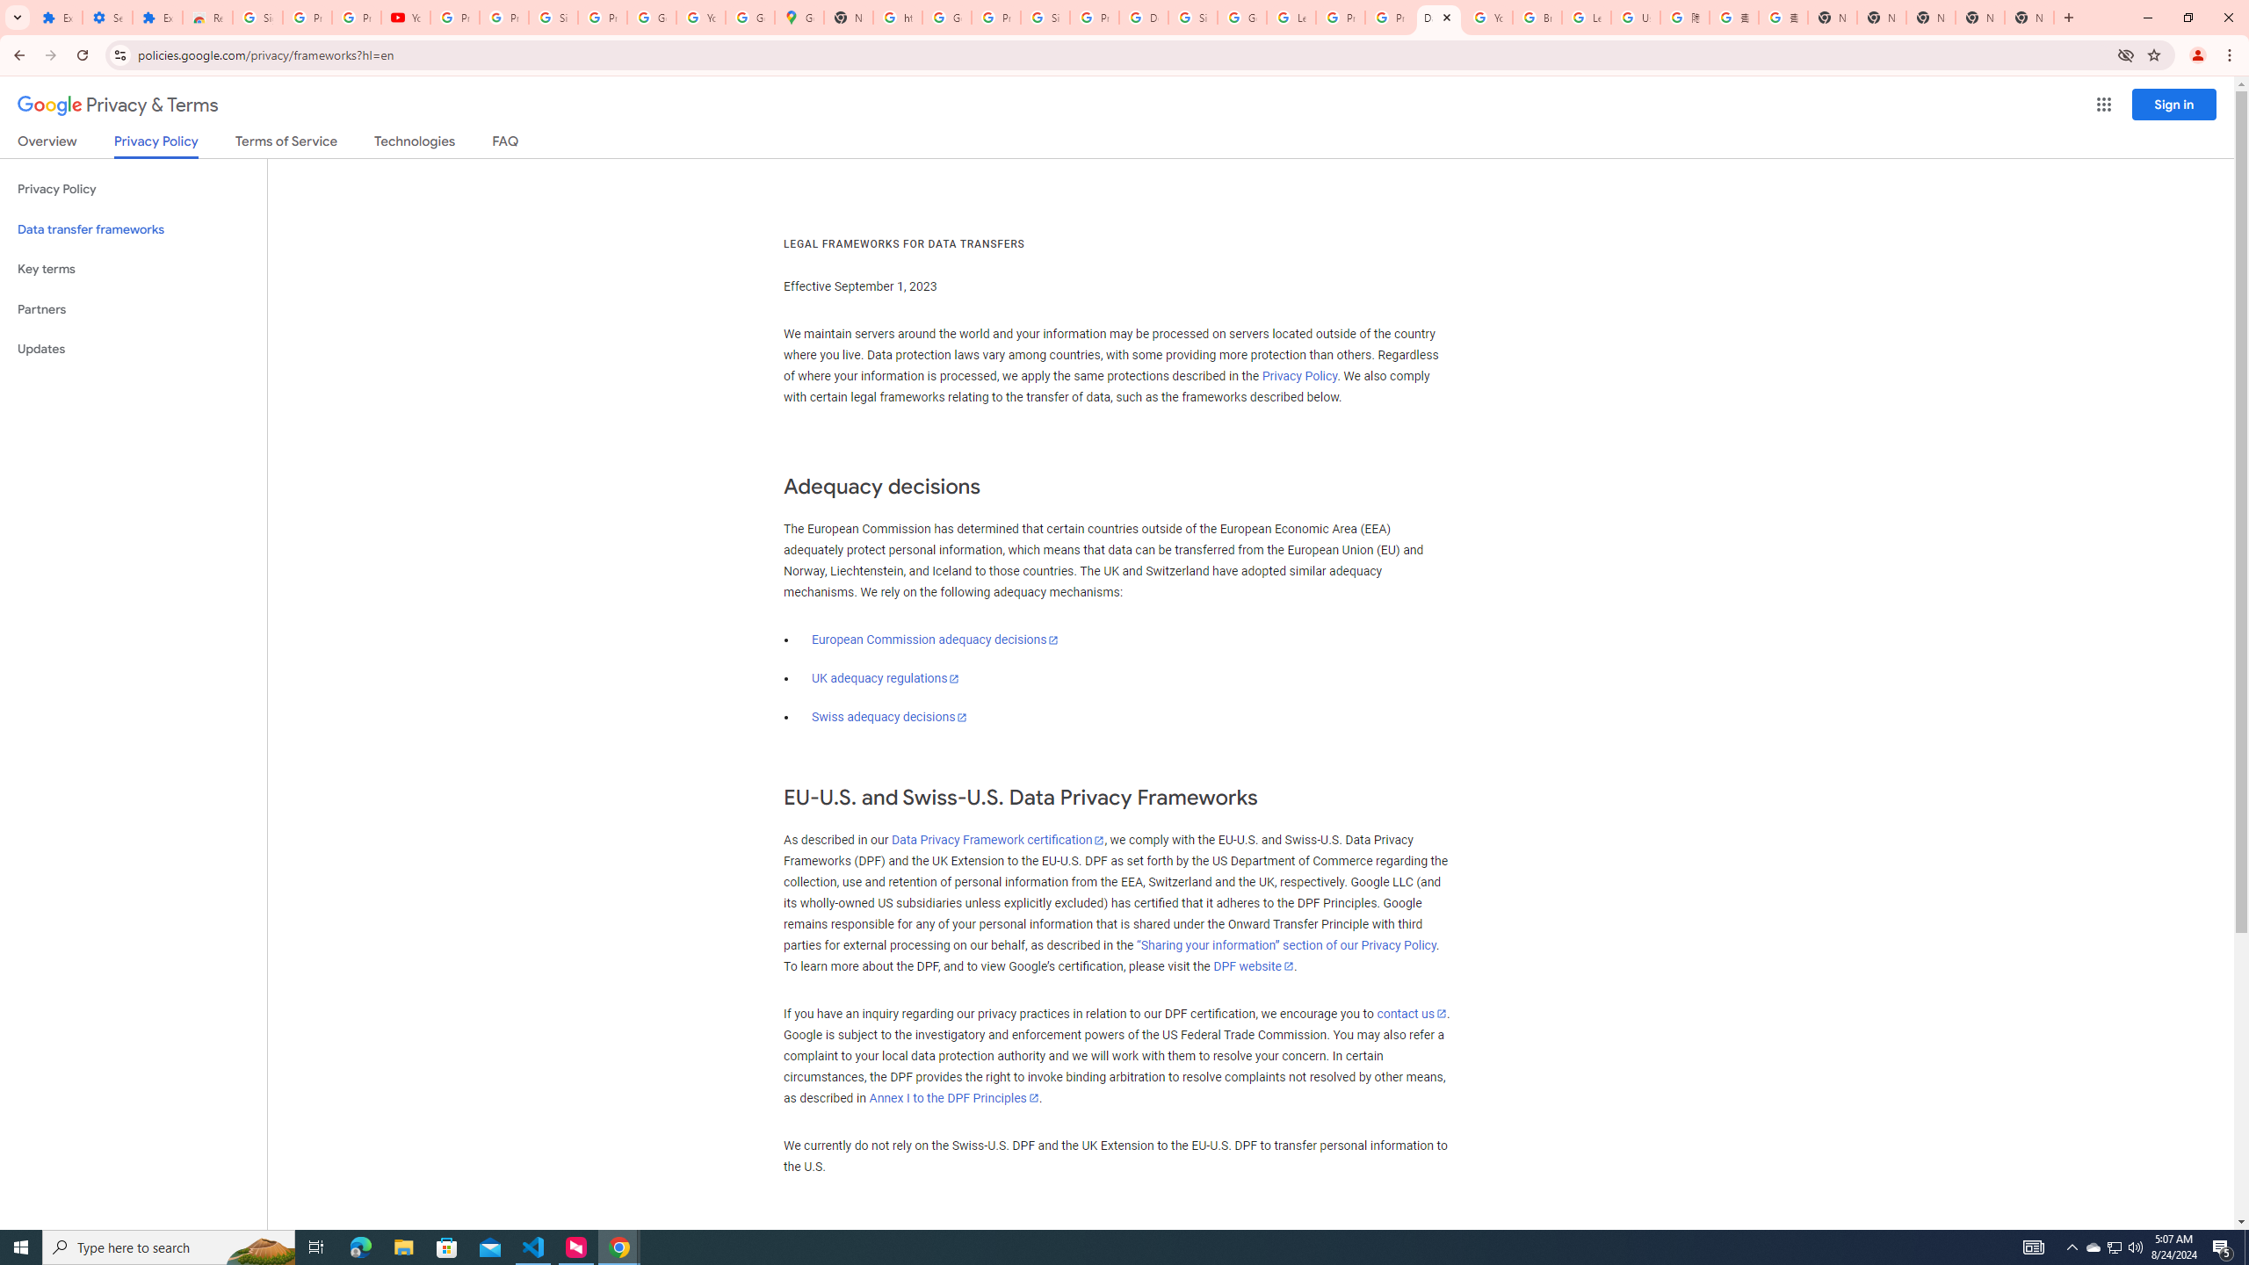  Describe the element at coordinates (57, 17) in the screenshot. I see `'Extensions'` at that location.